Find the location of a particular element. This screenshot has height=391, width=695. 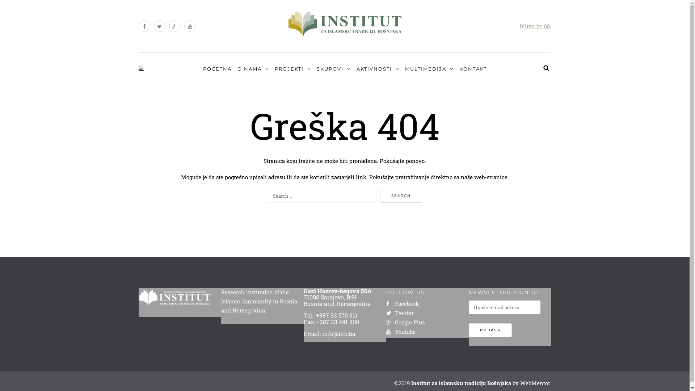

'Facebook' is located at coordinates (401, 303).